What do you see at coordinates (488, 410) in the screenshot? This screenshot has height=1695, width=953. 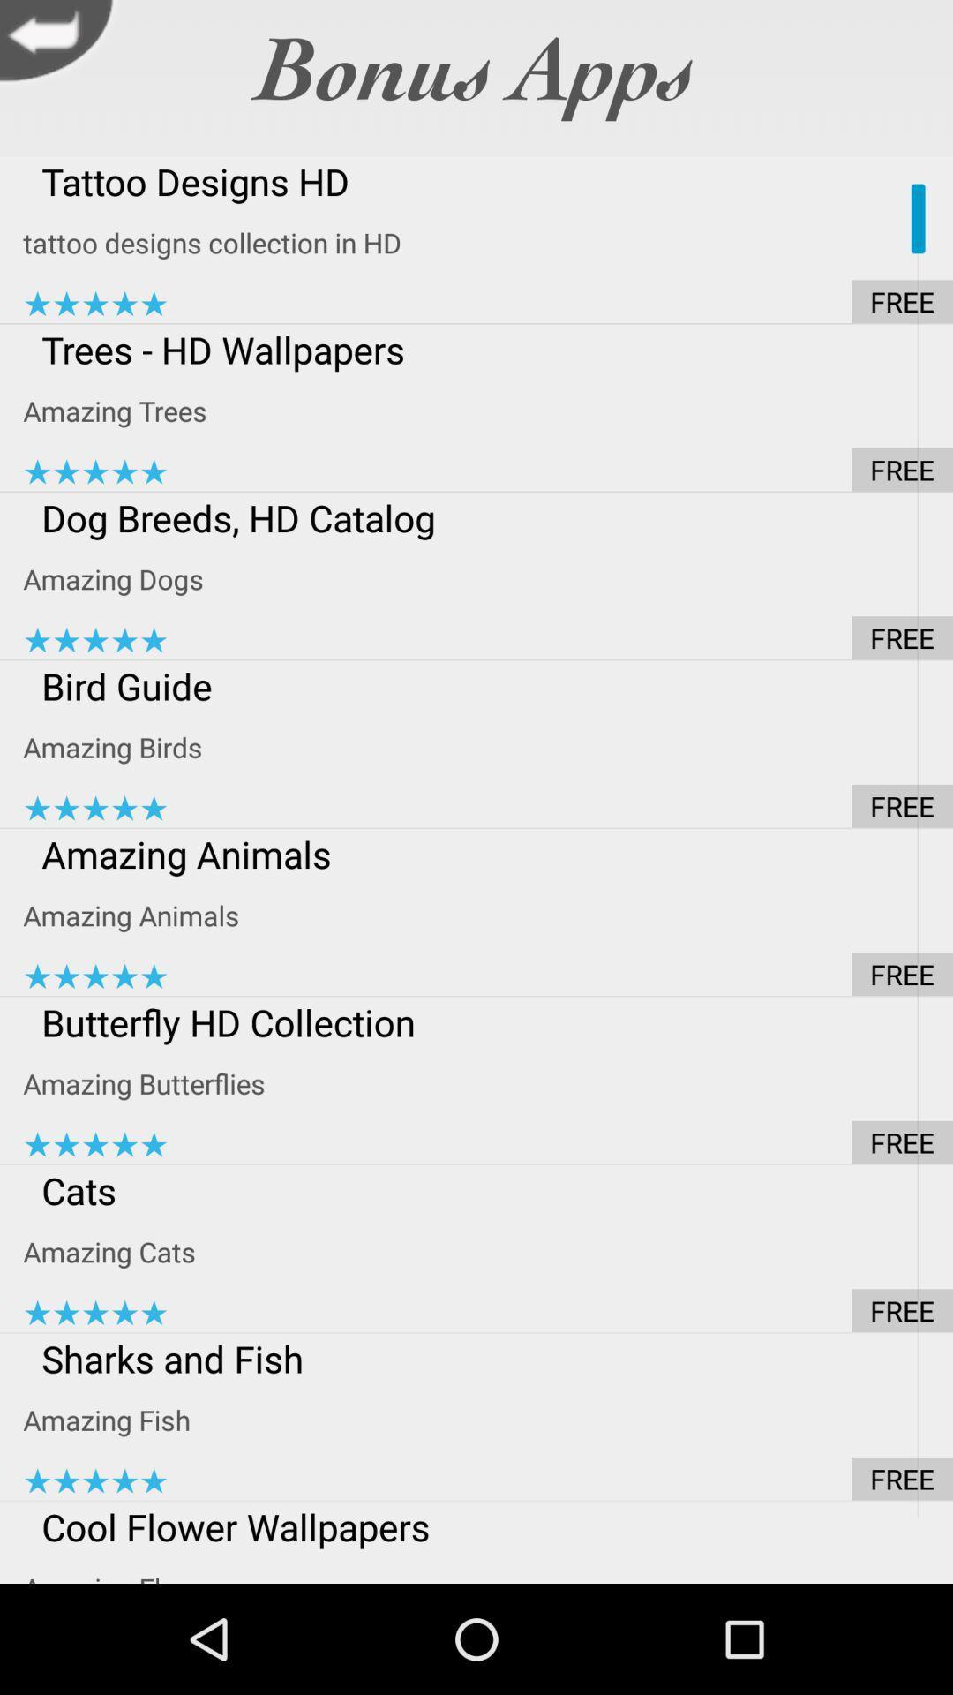 I see `the icon below   trees - hd wallpapers  icon` at bounding box center [488, 410].